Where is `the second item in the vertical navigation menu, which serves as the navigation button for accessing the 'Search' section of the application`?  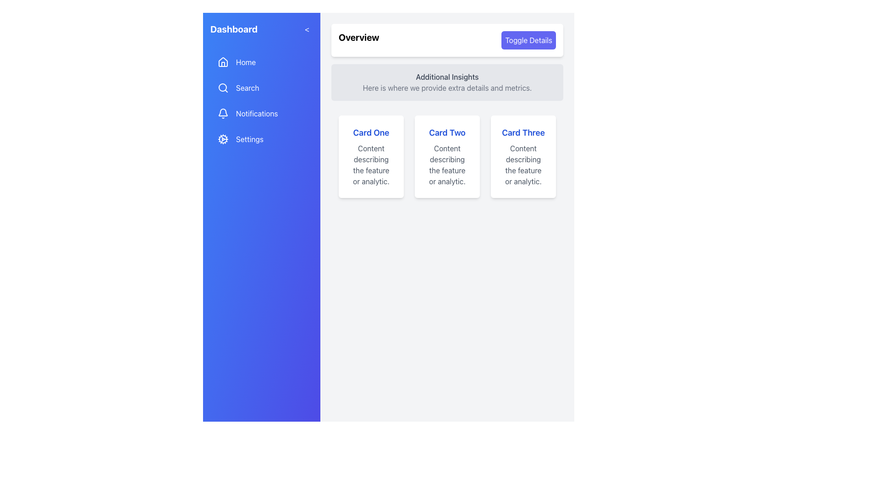 the second item in the vertical navigation menu, which serves as the navigation button for accessing the 'Search' section of the application is located at coordinates (261, 88).